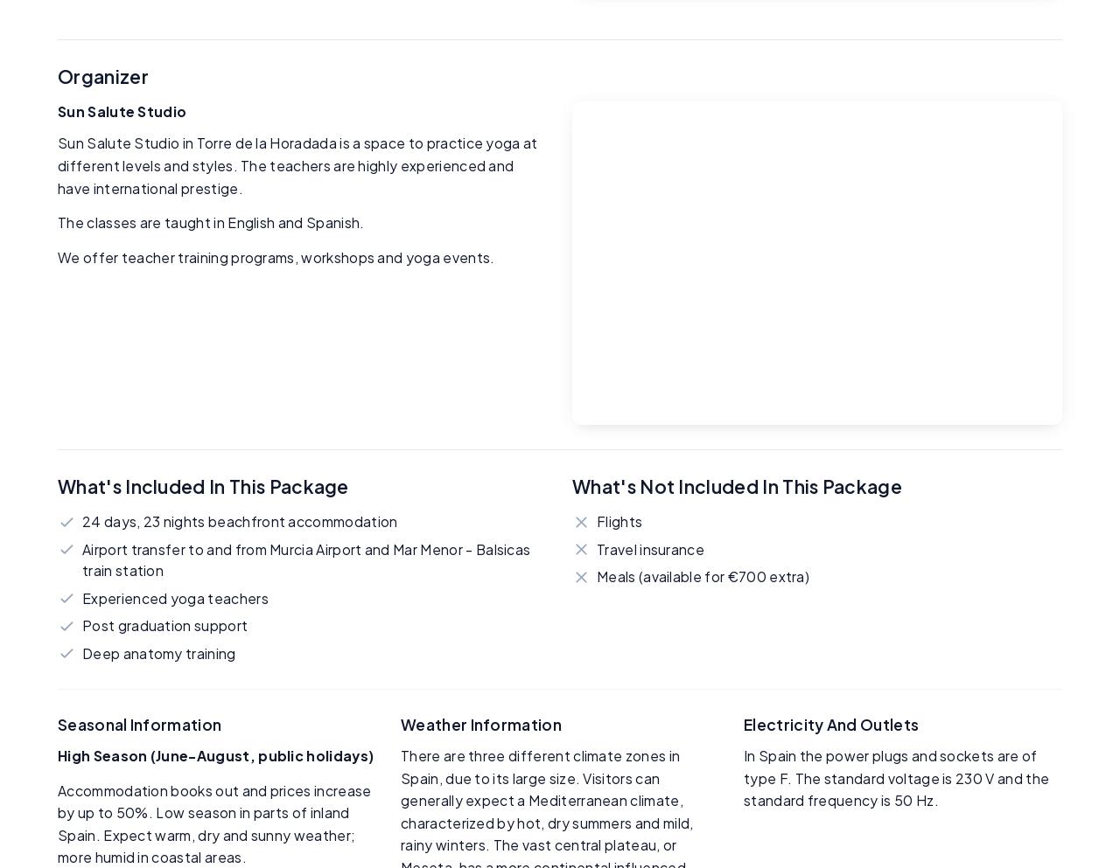  What do you see at coordinates (737, 485) in the screenshot?
I see `'What's Not Included in This Package'` at bounding box center [737, 485].